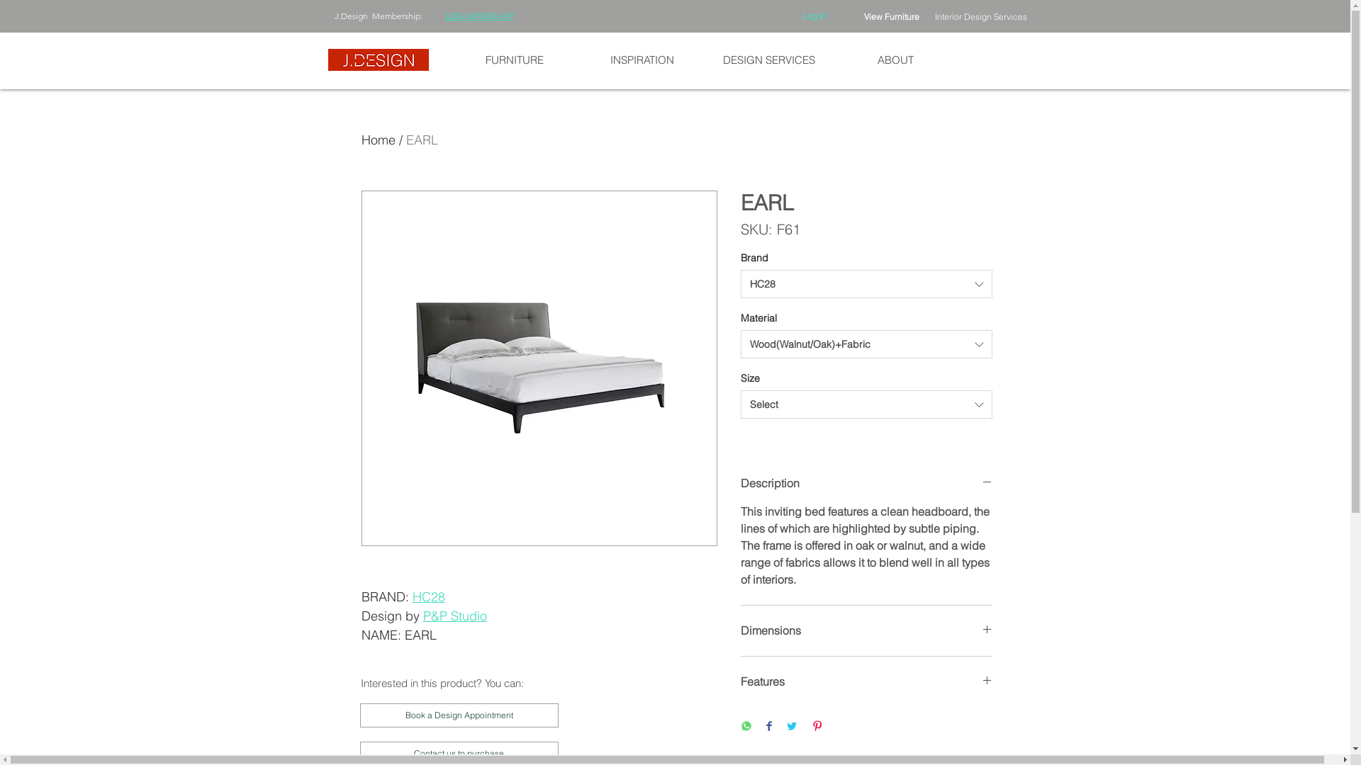 Image resolution: width=1361 pixels, height=765 pixels. I want to click on 'DESIGN SERVICES', so click(767, 59).